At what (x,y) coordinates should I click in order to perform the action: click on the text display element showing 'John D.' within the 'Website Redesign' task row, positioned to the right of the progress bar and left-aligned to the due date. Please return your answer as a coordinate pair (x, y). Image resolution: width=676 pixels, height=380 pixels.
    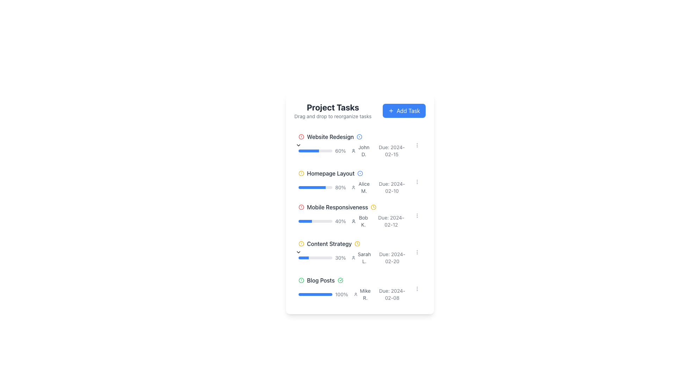
    Looking at the image, I should click on (364, 150).